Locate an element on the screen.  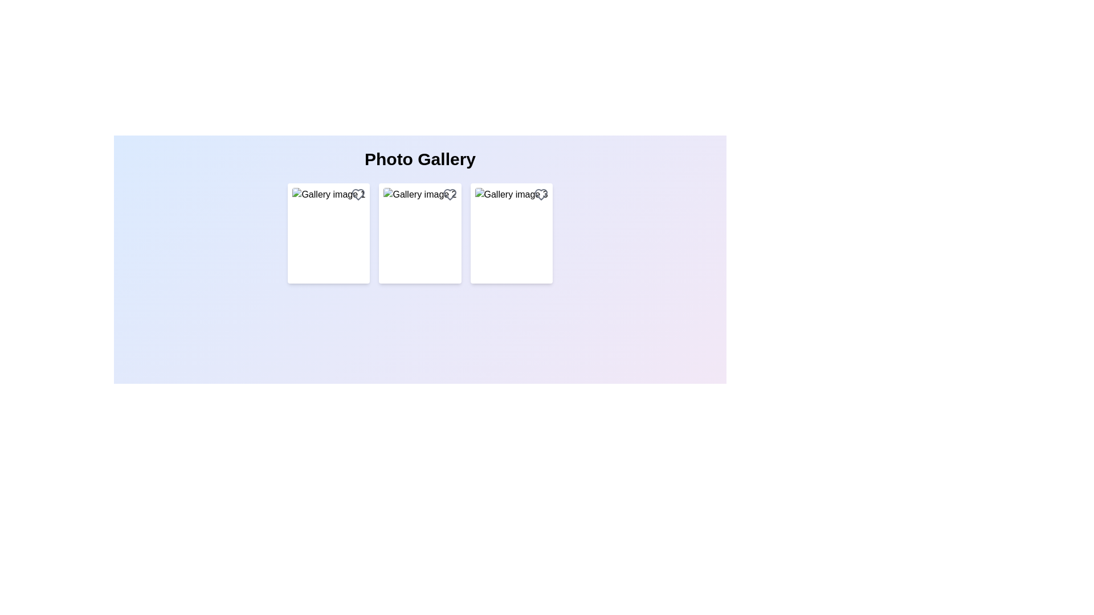
the 'like' icon in the top-right corner of the second card in the gallery is located at coordinates (449, 194).